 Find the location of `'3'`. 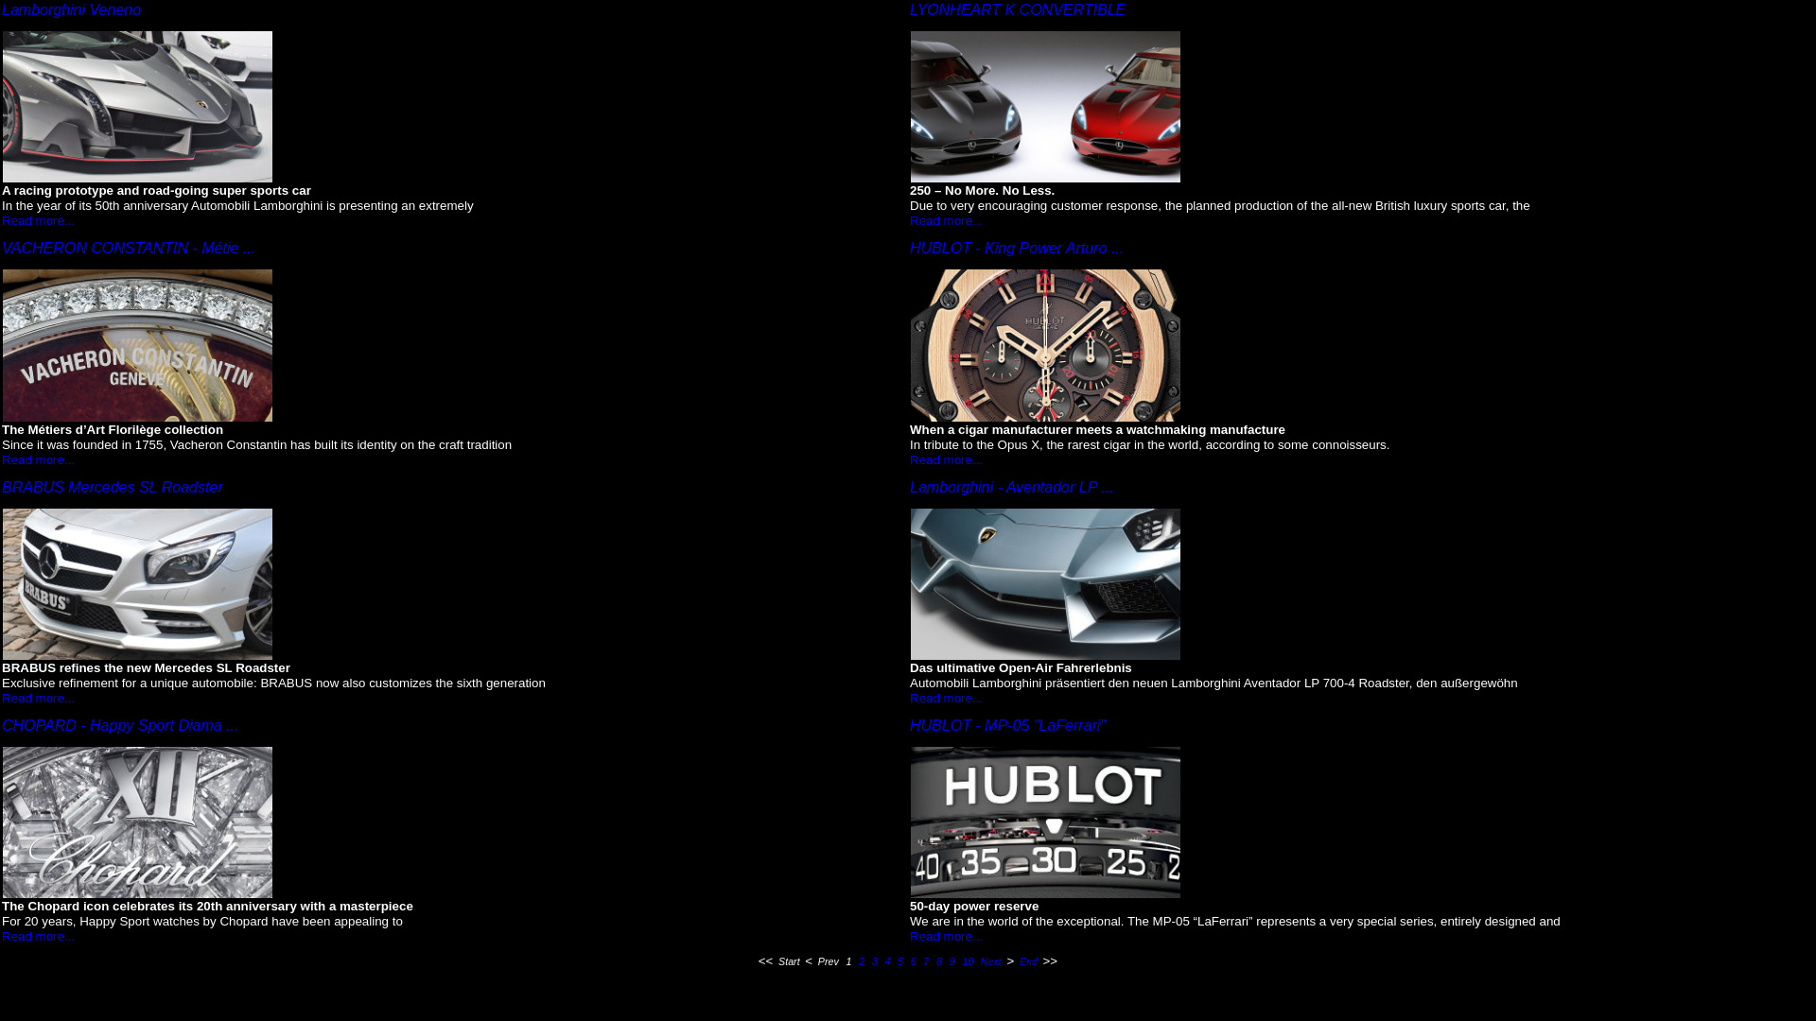

'3' is located at coordinates (869, 961).